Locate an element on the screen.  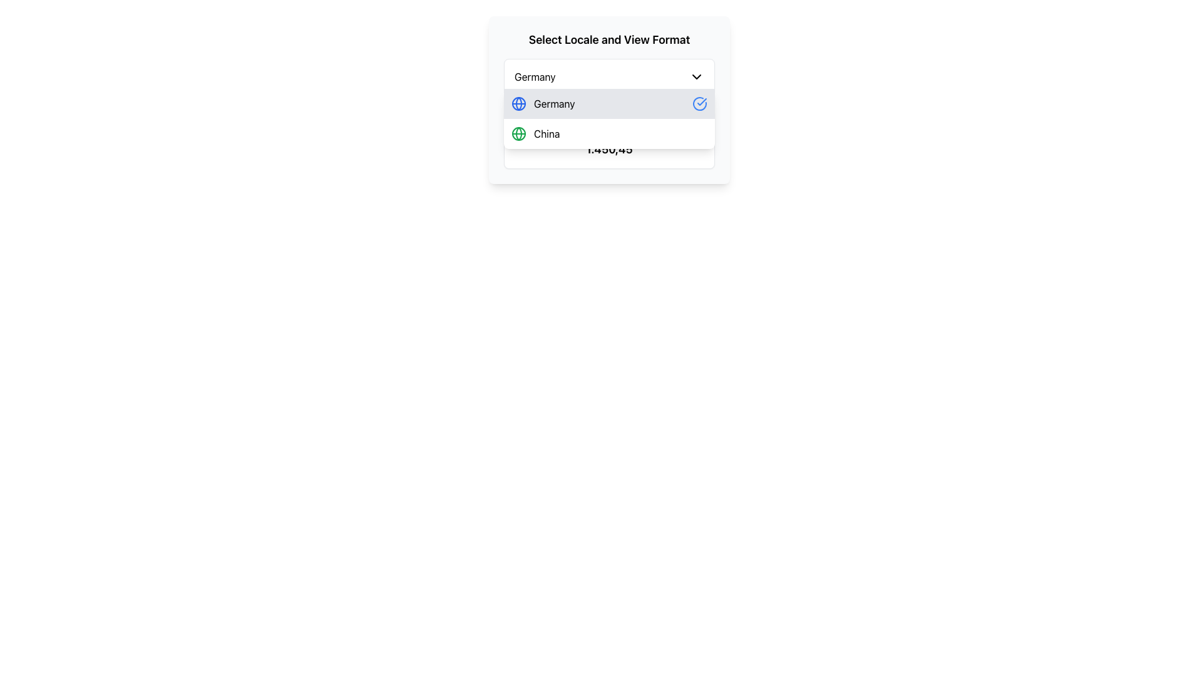
the blue globe-shaped icon adjacent to the text 'Germany' in the list item is located at coordinates (519, 103).